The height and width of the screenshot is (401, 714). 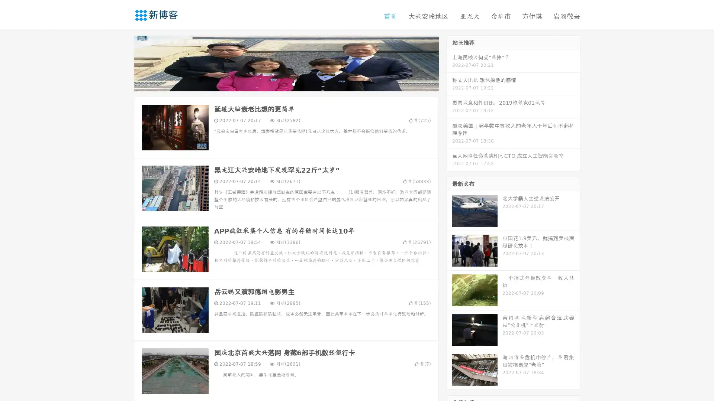 What do you see at coordinates (449, 62) in the screenshot?
I see `Next slide` at bounding box center [449, 62].